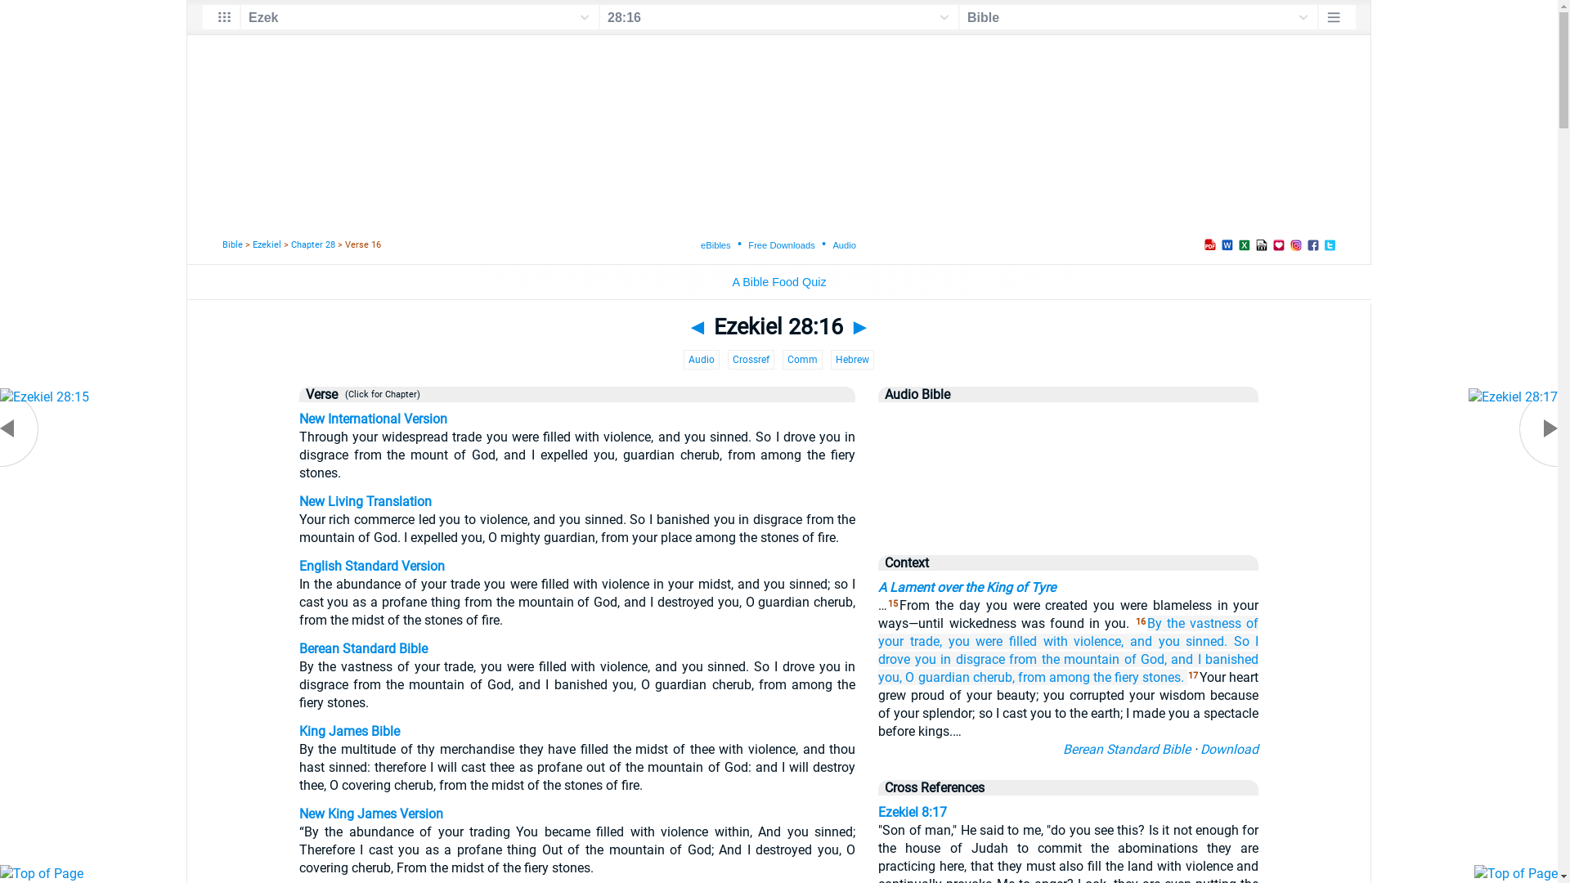  I want to click on 'Download', so click(1229, 749).